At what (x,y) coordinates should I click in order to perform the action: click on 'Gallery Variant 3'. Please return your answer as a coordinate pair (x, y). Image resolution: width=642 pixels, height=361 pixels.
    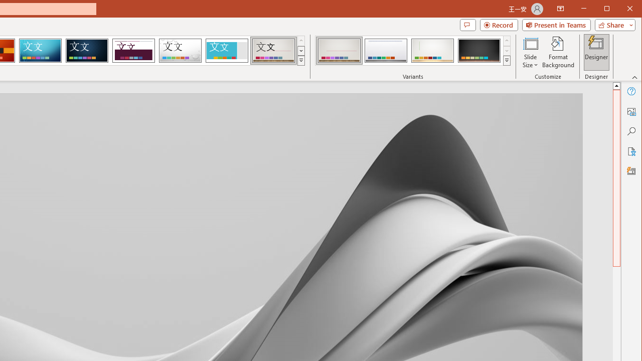
    Looking at the image, I should click on (432, 50).